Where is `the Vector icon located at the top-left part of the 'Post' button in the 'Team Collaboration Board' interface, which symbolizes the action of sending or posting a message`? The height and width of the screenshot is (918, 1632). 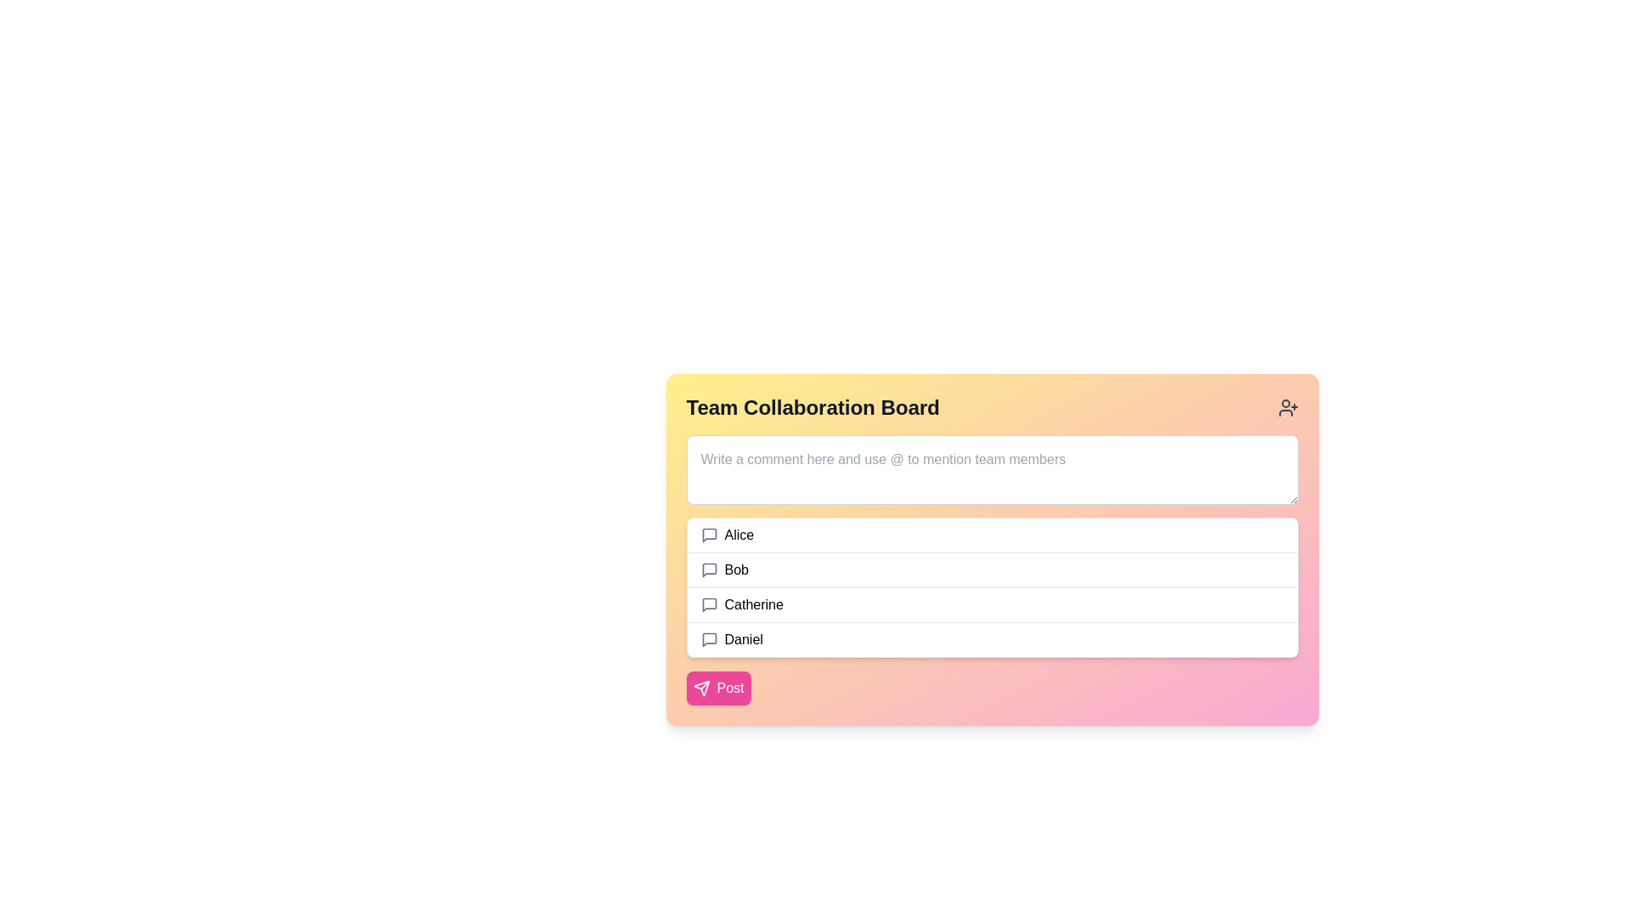
the Vector icon located at the top-left part of the 'Post' button in the 'Team Collaboration Board' interface, which symbolizes the action of sending or posting a message is located at coordinates (701, 688).